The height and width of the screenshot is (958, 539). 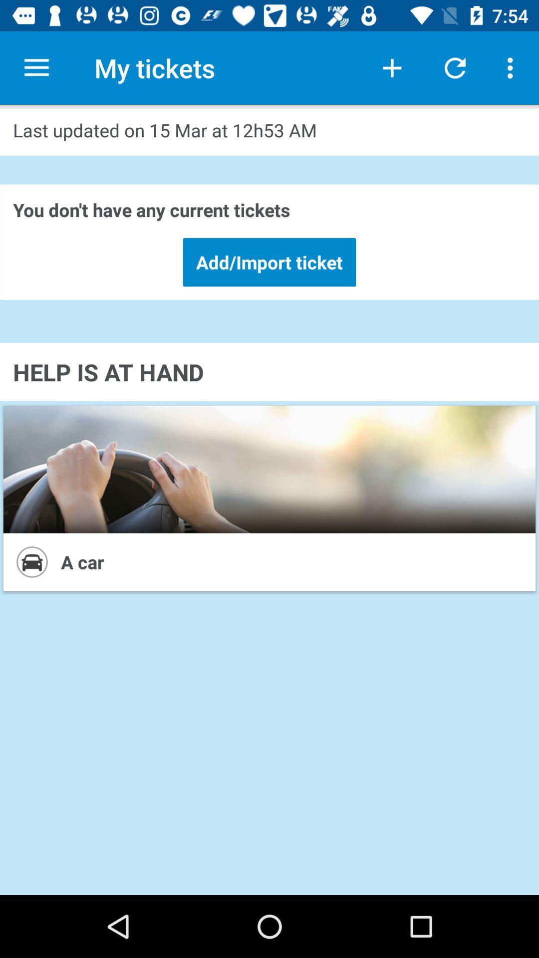 What do you see at coordinates (269, 262) in the screenshot?
I see `icon above the help is at item` at bounding box center [269, 262].